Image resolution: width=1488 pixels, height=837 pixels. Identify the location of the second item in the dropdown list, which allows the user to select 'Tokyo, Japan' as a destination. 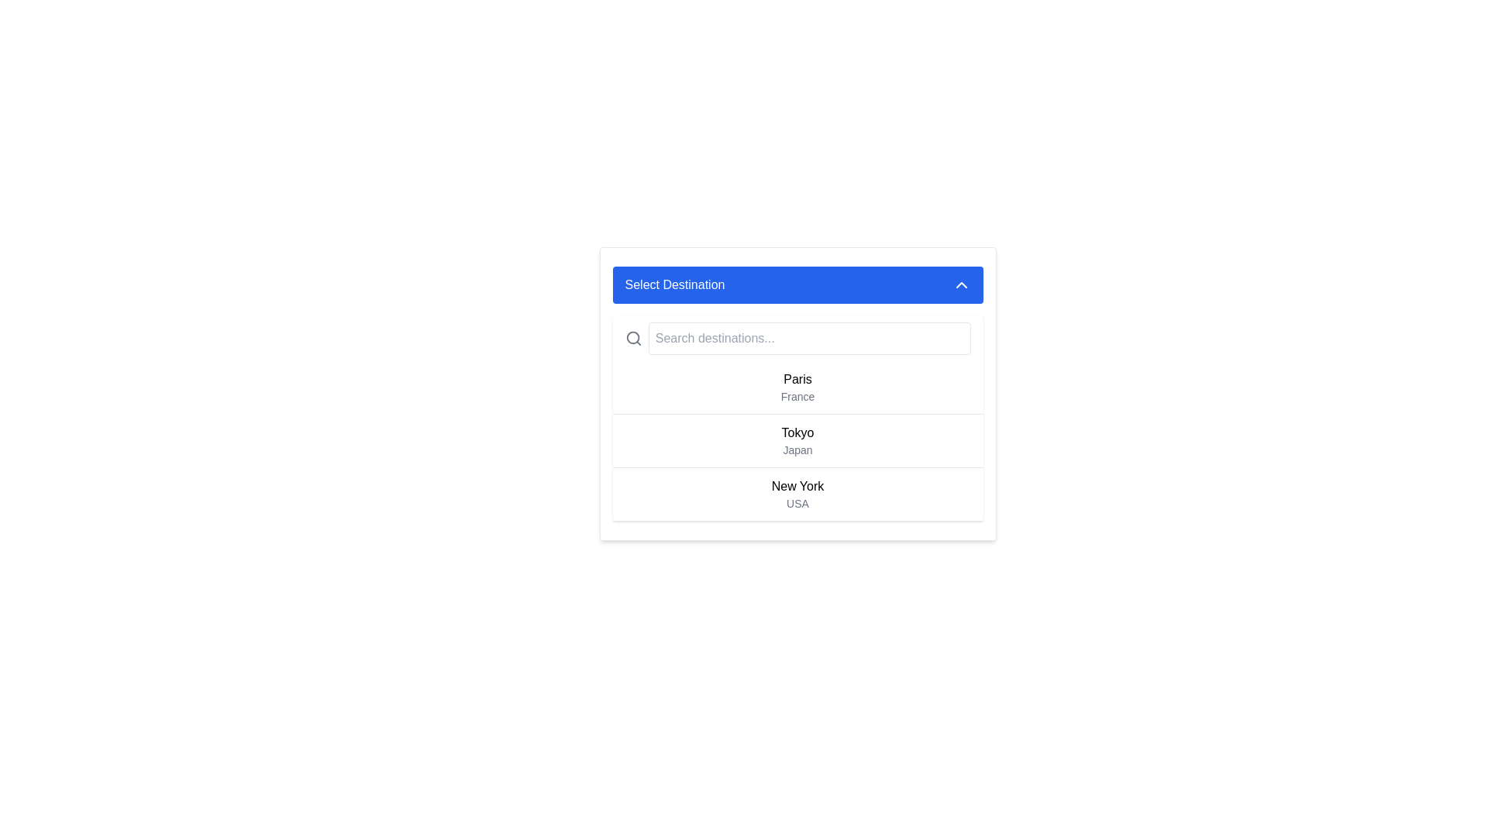
(797, 441).